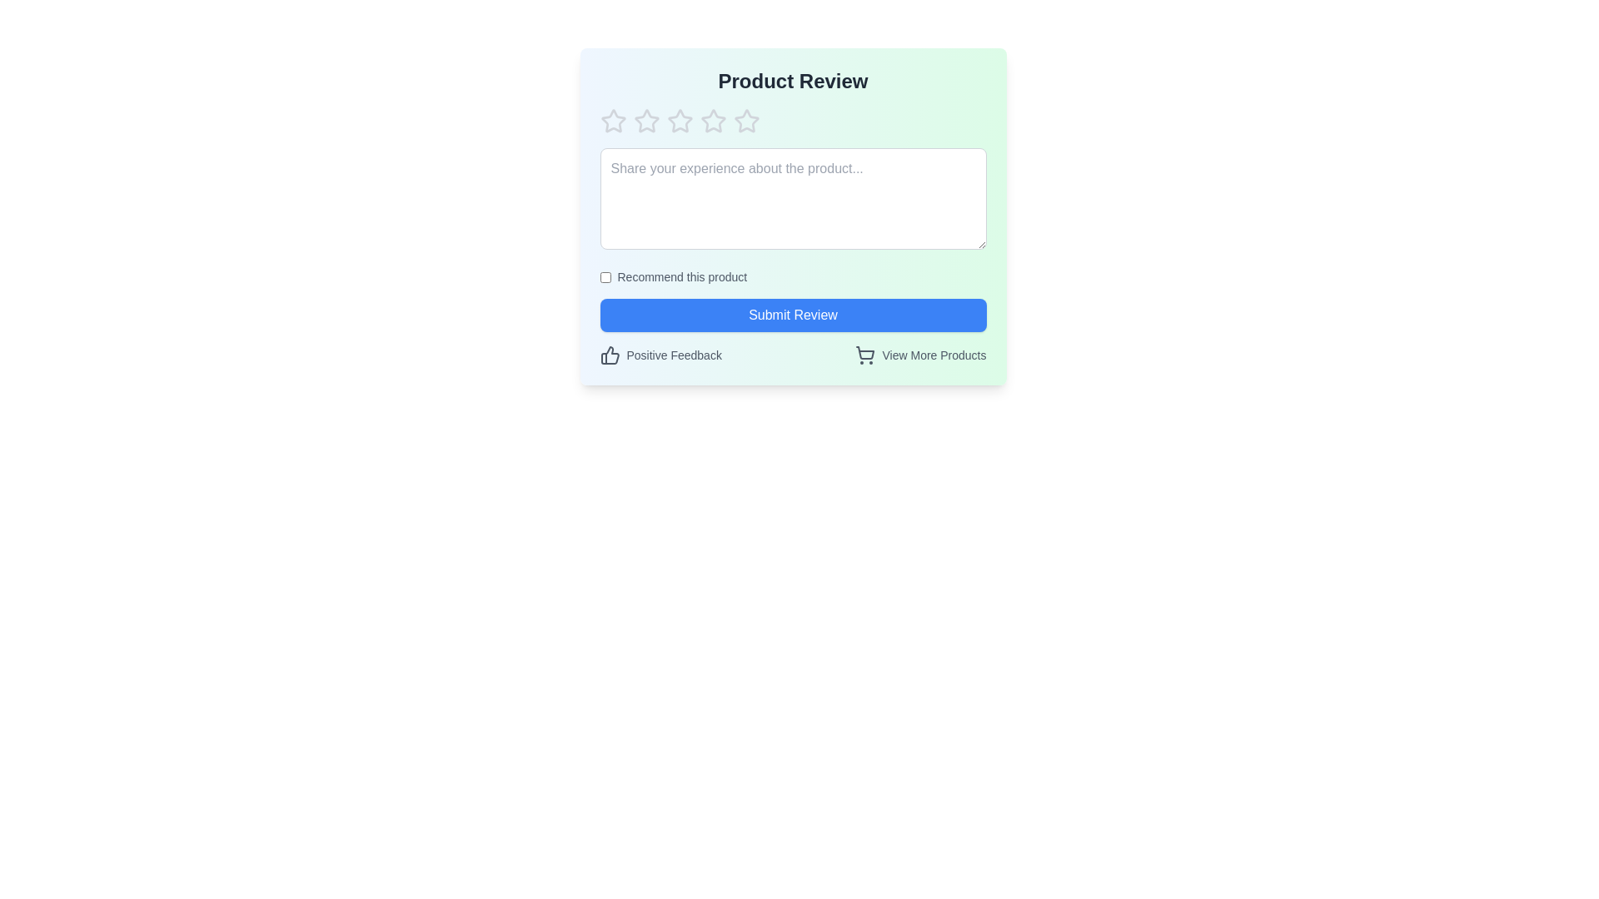 Image resolution: width=1599 pixels, height=899 pixels. What do you see at coordinates (792, 315) in the screenshot?
I see `the 'Submit Review' button to submit the review` at bounding box center [792, 315].